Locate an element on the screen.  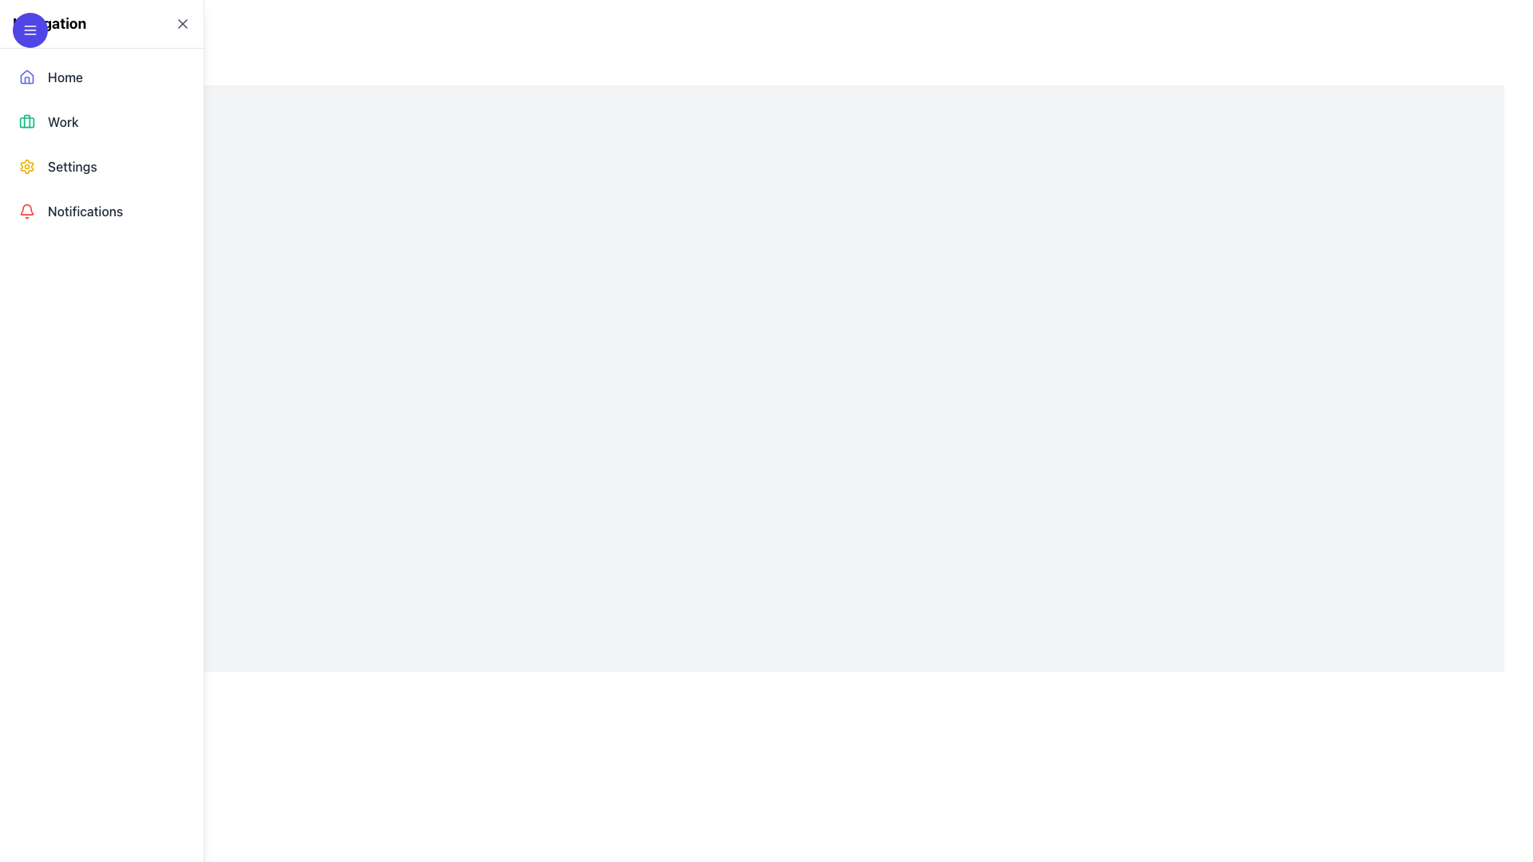
the small square button with an 'X' icon in the top-right section of the navigation menu header is located at coordinates (183, 24).